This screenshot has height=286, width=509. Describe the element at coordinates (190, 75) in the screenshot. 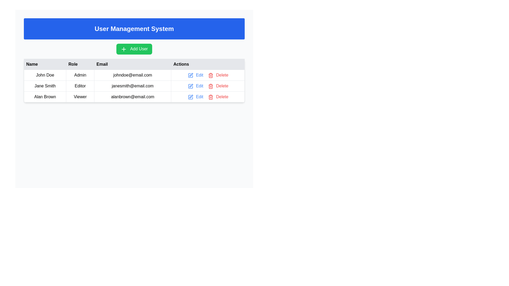

I see `the Graphic icon component resembling a square frame with rounded edges that represents the 'Edit' action, located in the 'Actions' column of the second row corresponding to 'Jane Smith'` at that location.